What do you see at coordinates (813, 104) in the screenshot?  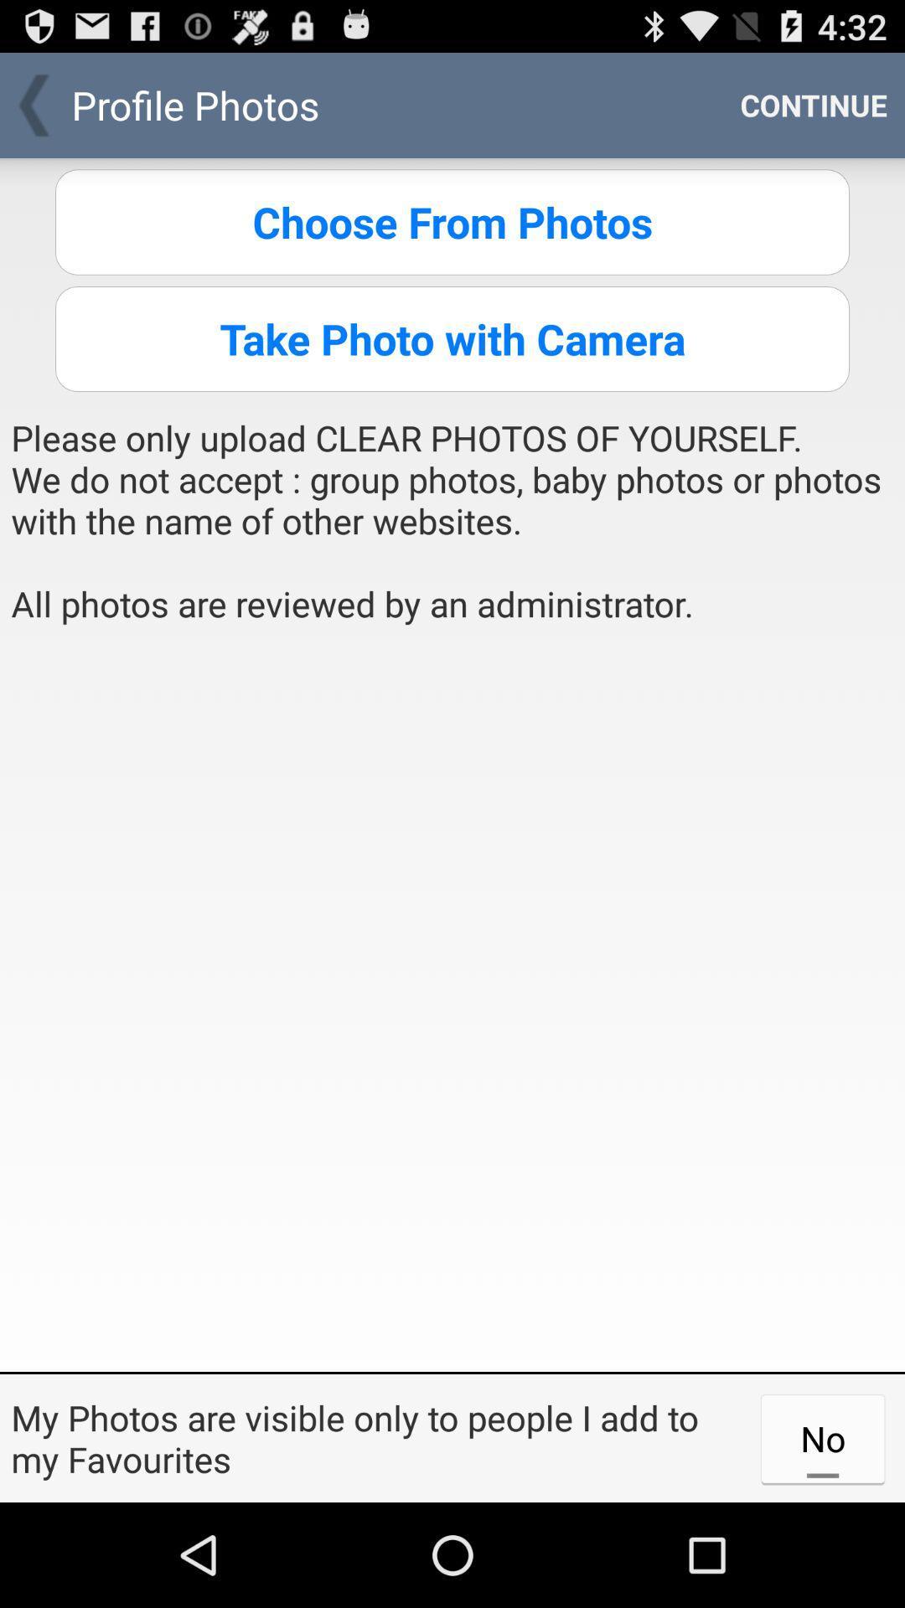 I see `continue item` at bounding box center [813, 104].